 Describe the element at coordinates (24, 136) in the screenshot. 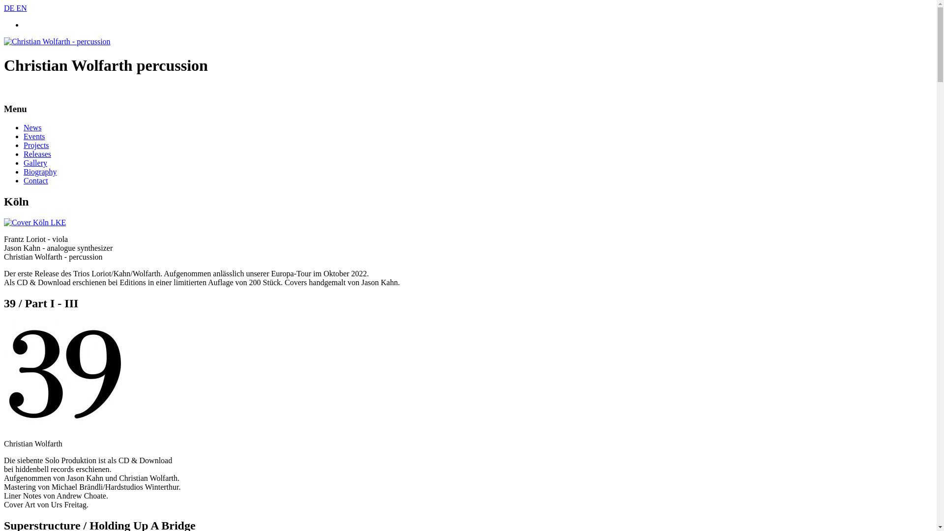

I see `'Events'` at that location.